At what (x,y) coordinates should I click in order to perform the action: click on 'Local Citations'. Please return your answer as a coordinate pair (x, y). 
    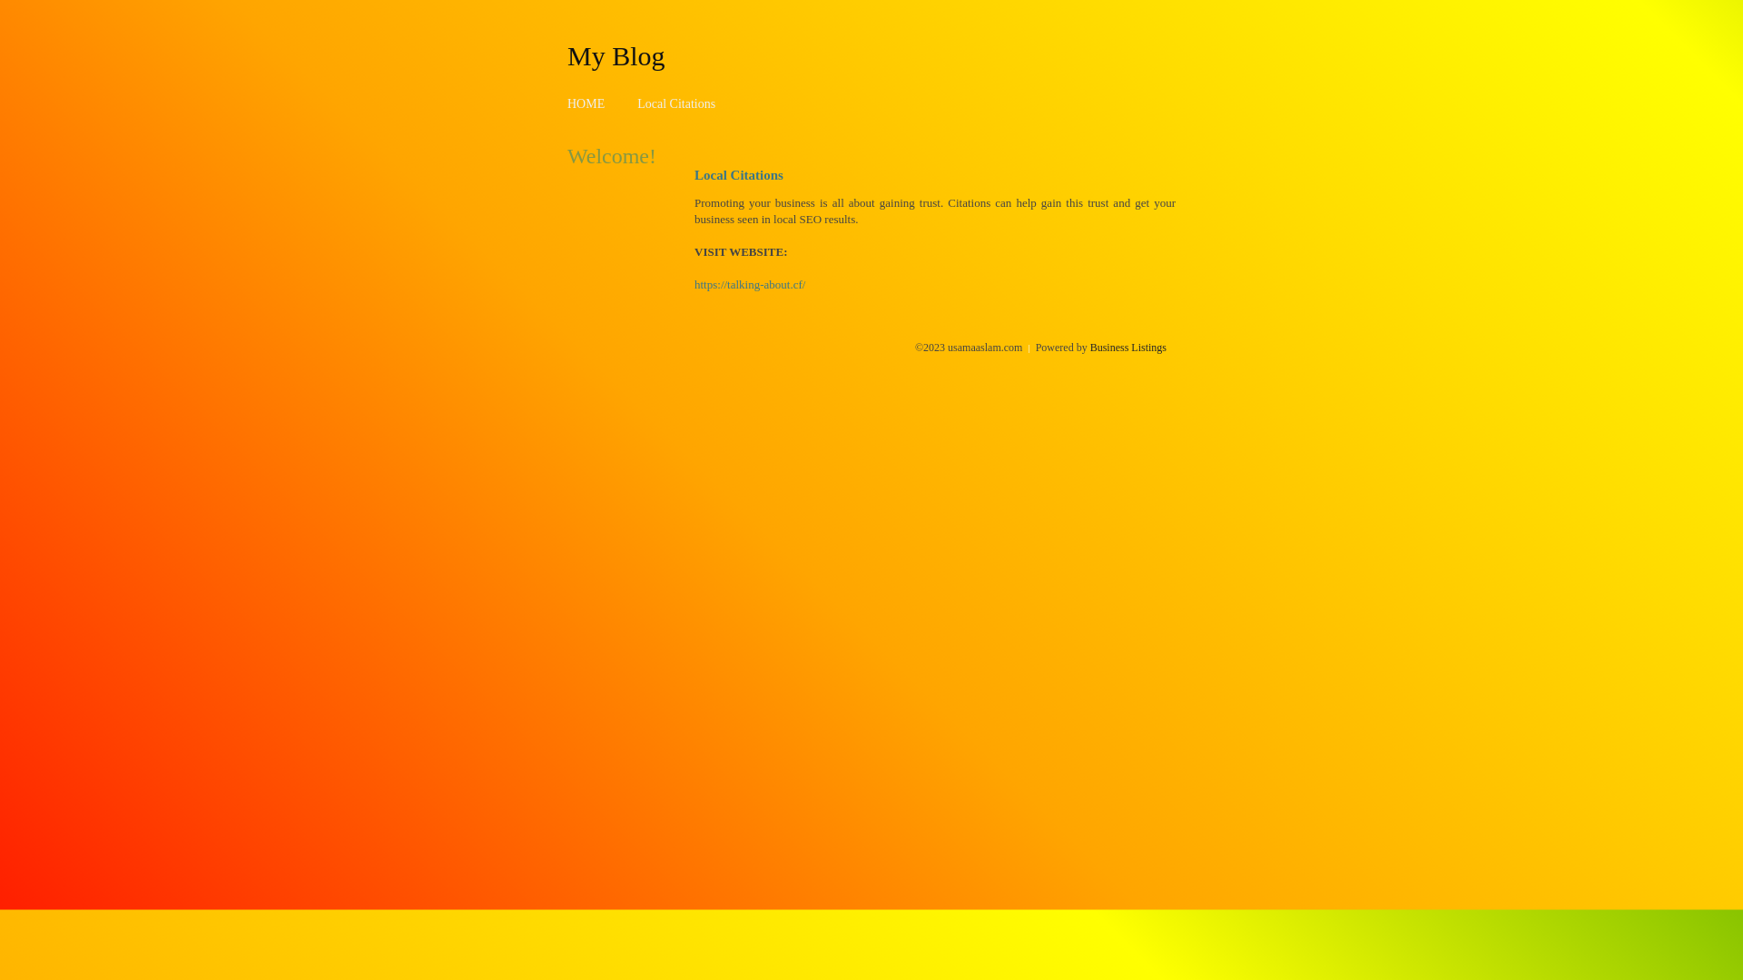
    Looking at the image, I should click on (636, 103).